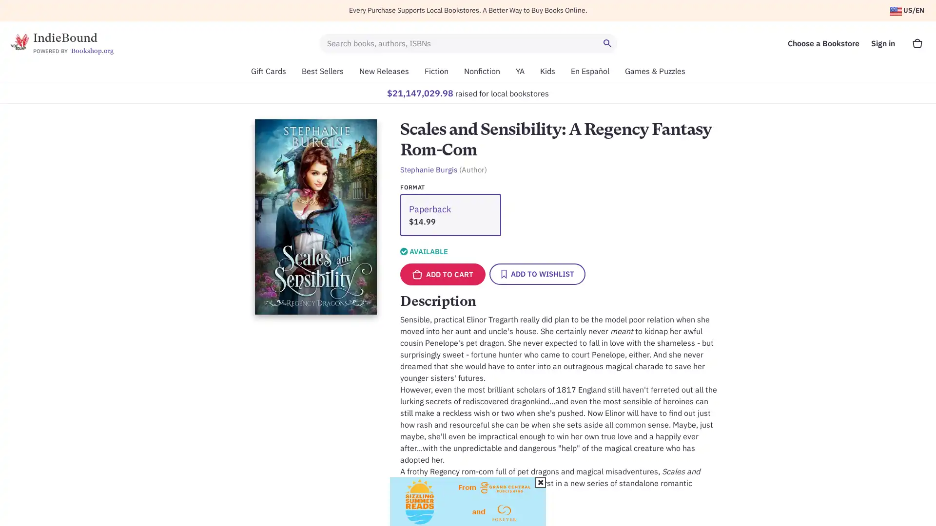 The height and width of the screenshot is (526, 936). What do you see at coordinates (608, 42) in the screenshot?
I see `Search` at bounding box center [608, 42].